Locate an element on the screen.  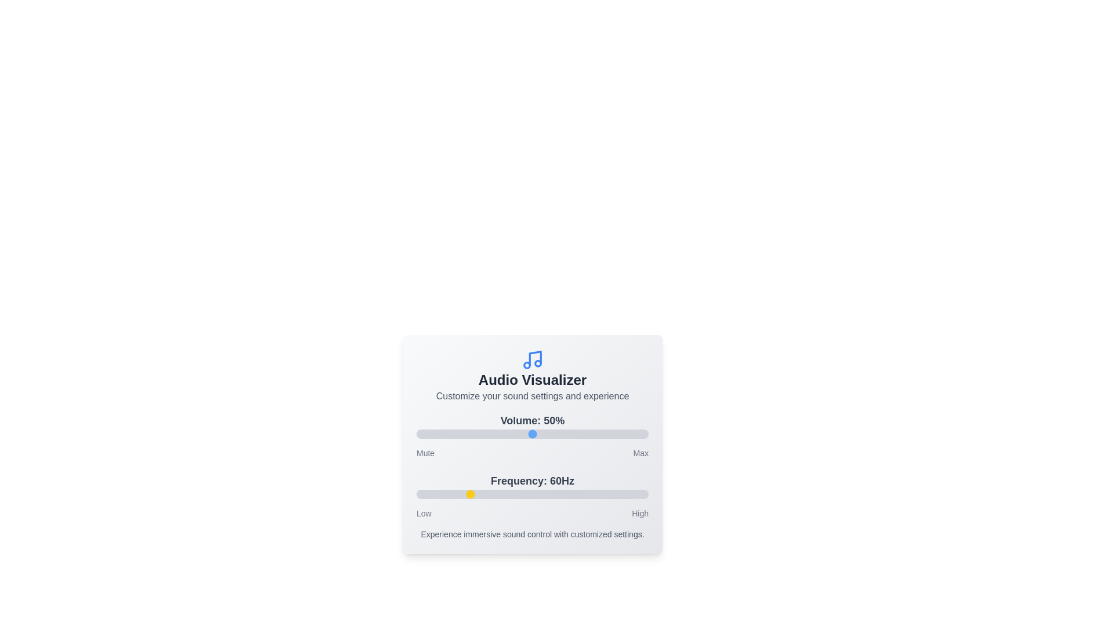
the frequency slider to 20 Hz is located at coordinates (417, 494).